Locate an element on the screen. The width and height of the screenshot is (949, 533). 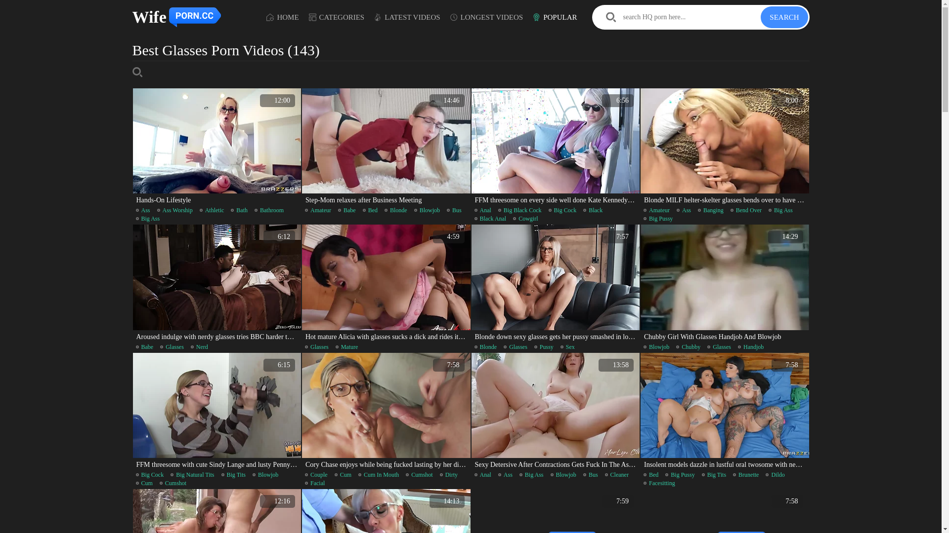
'Athletic' is located at coordinates (211, 209).